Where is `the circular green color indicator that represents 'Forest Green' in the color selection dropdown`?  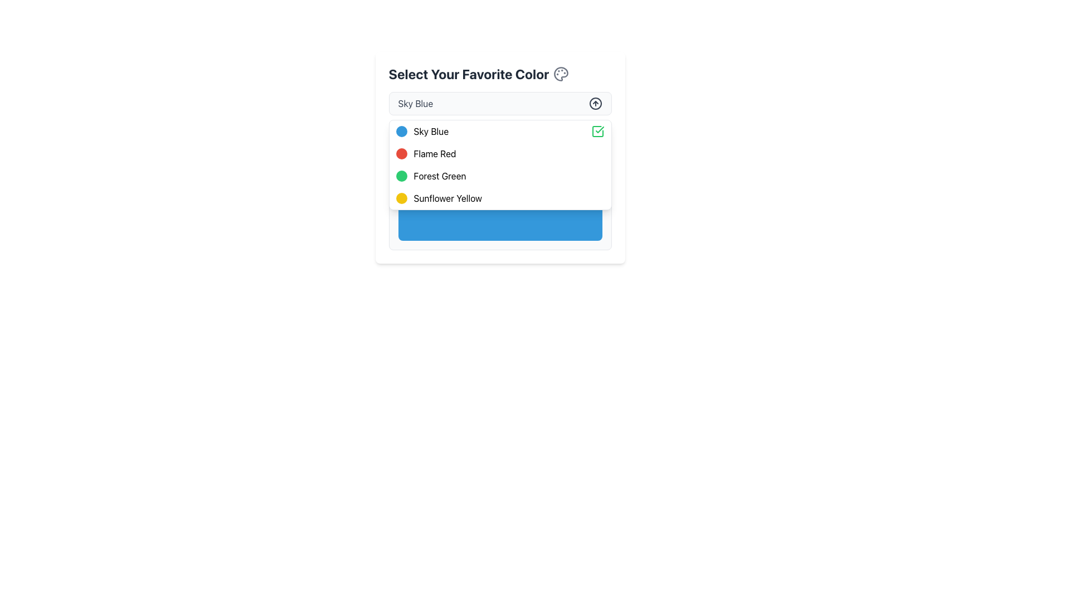
the circular green color indicator that represents 'Forest Green' in the color selection dropdown is located at coordinates (401, 176).